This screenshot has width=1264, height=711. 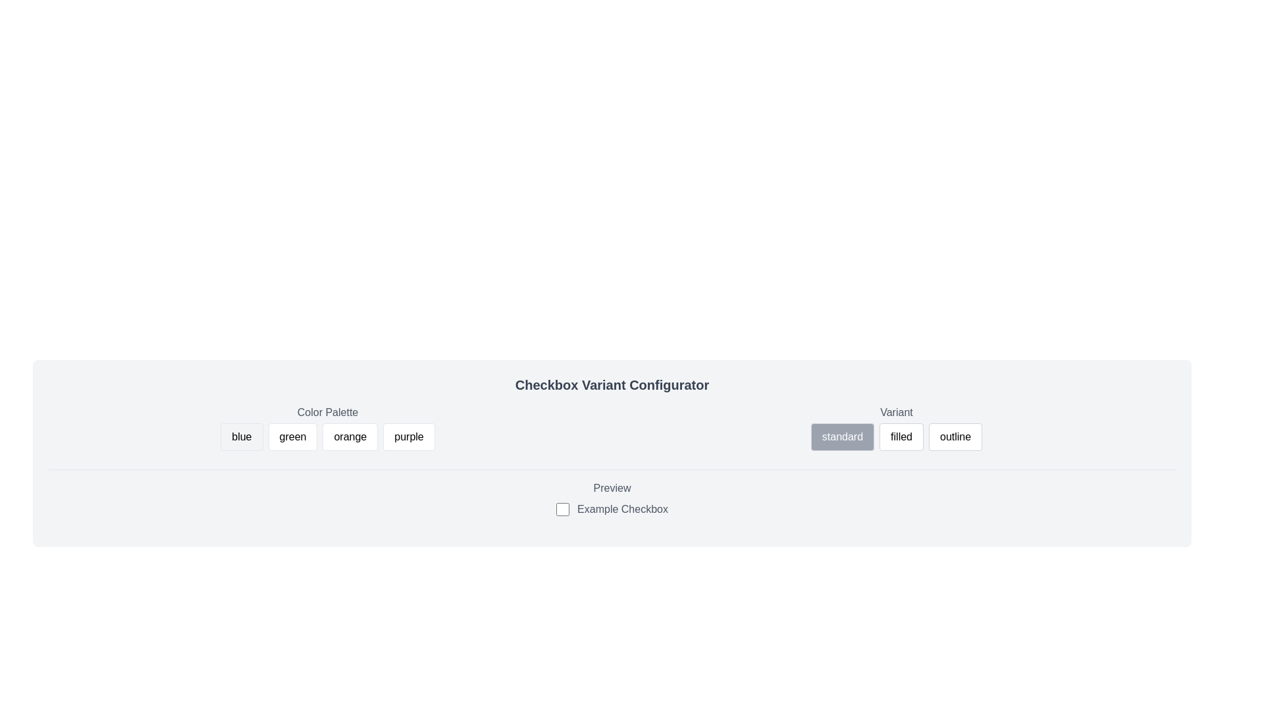 What do you see at coordinates (612, 509) in the screenshot?
I see `the 'Example Checkbox' located in the lower-central part of the interface within the 'Preview' section` at bounding box center [612, 509].